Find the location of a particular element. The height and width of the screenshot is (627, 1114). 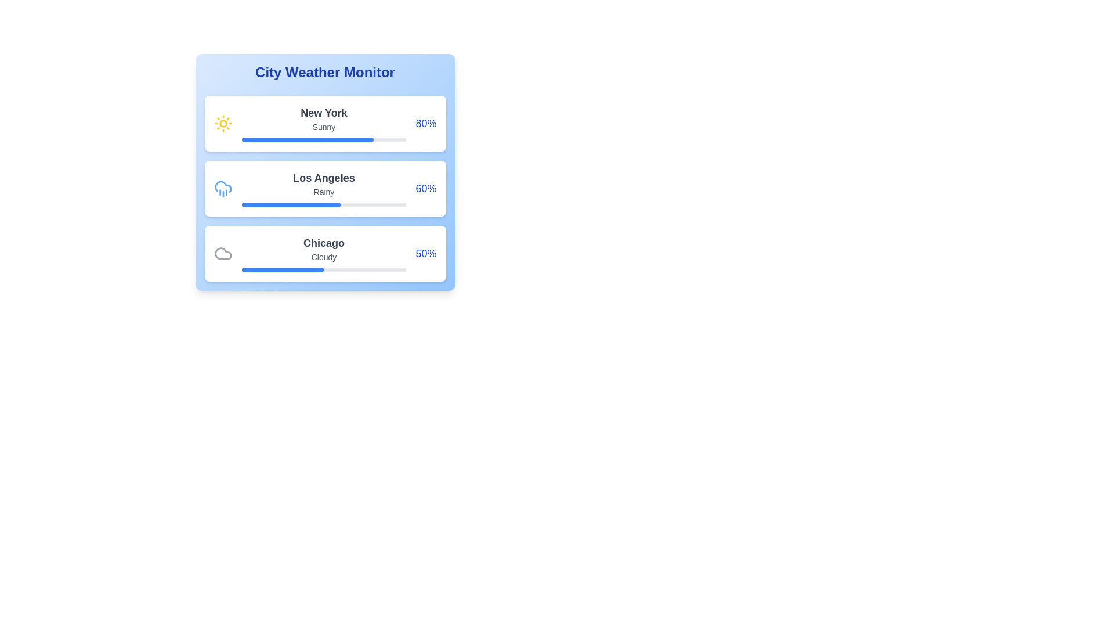

the horizontal progress bar indicating 60% completion, located below the 'Rainy' label in the 'Los Angeles' section of the card layout is located at coordinates (324, 204).